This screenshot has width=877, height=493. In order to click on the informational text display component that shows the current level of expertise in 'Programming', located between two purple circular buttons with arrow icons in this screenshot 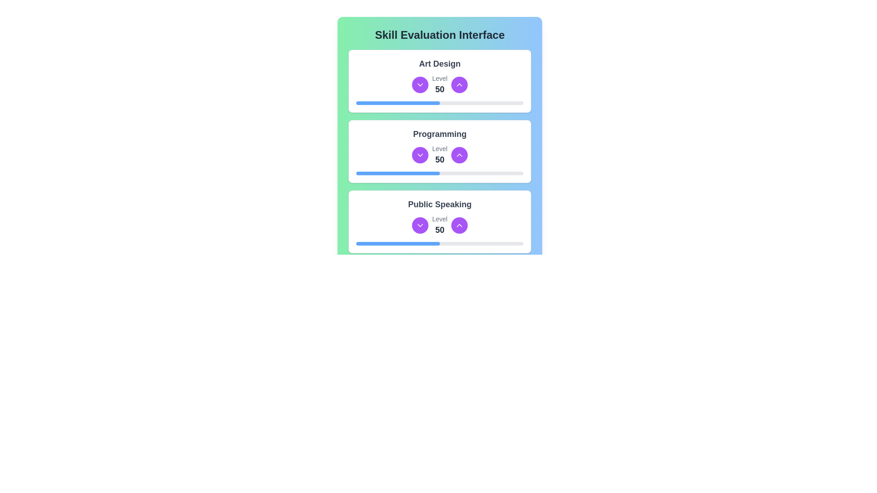, I will do `click(440, 154)`.